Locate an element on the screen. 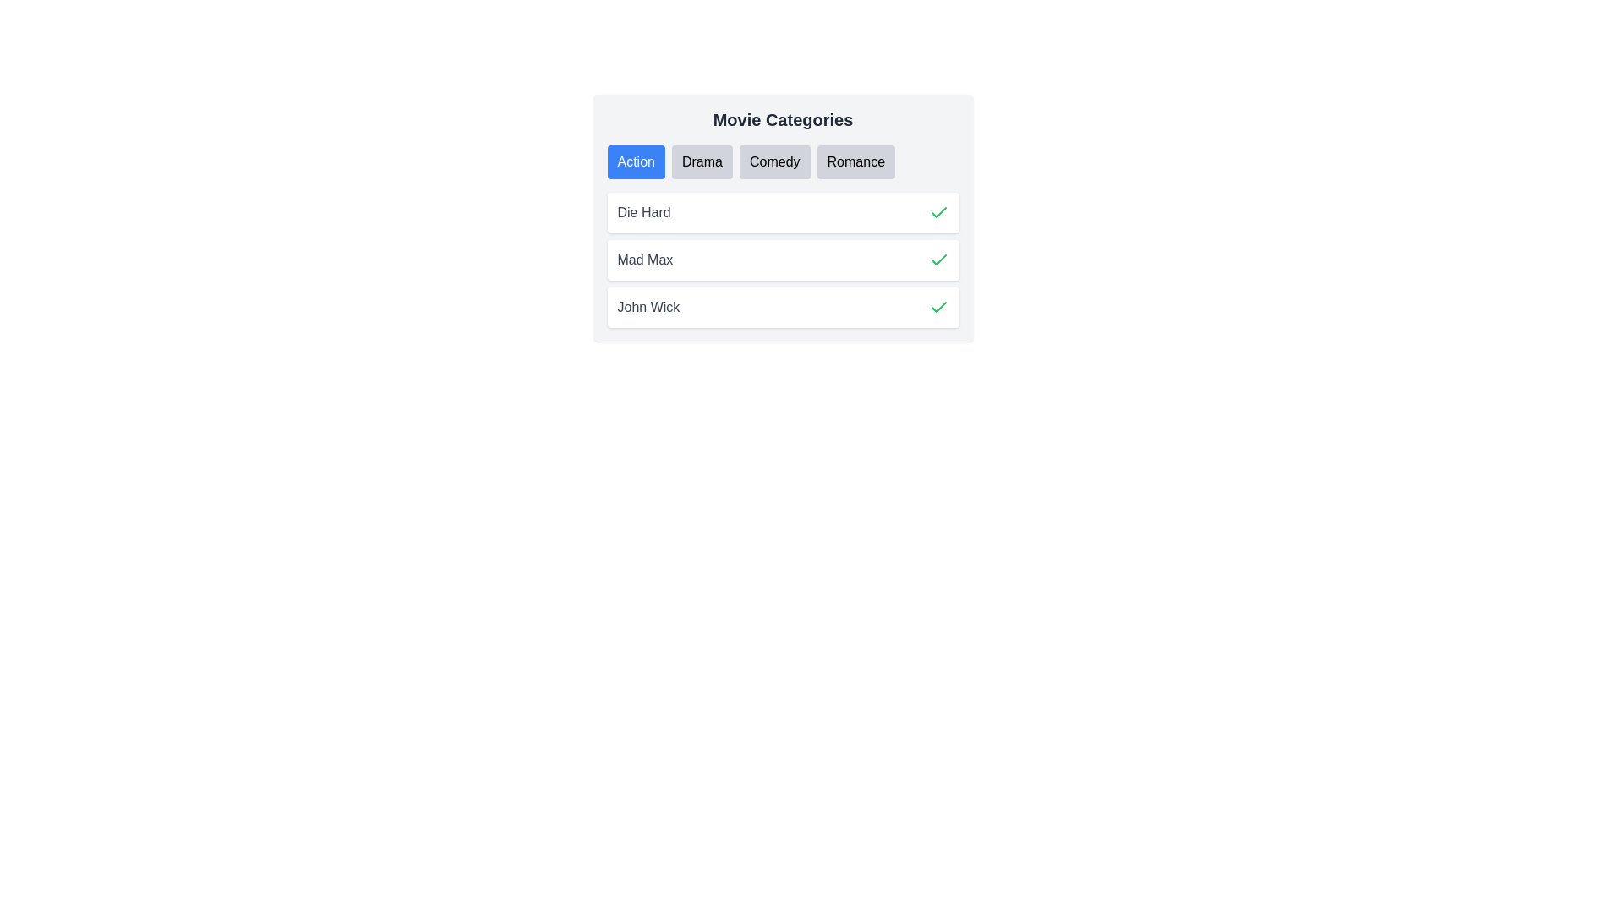  the second selectable list item in the category, which is positioned below 'Die Hard' and above 'John Wick', indicated by a green checkmark is located at coordinates (782, 260).